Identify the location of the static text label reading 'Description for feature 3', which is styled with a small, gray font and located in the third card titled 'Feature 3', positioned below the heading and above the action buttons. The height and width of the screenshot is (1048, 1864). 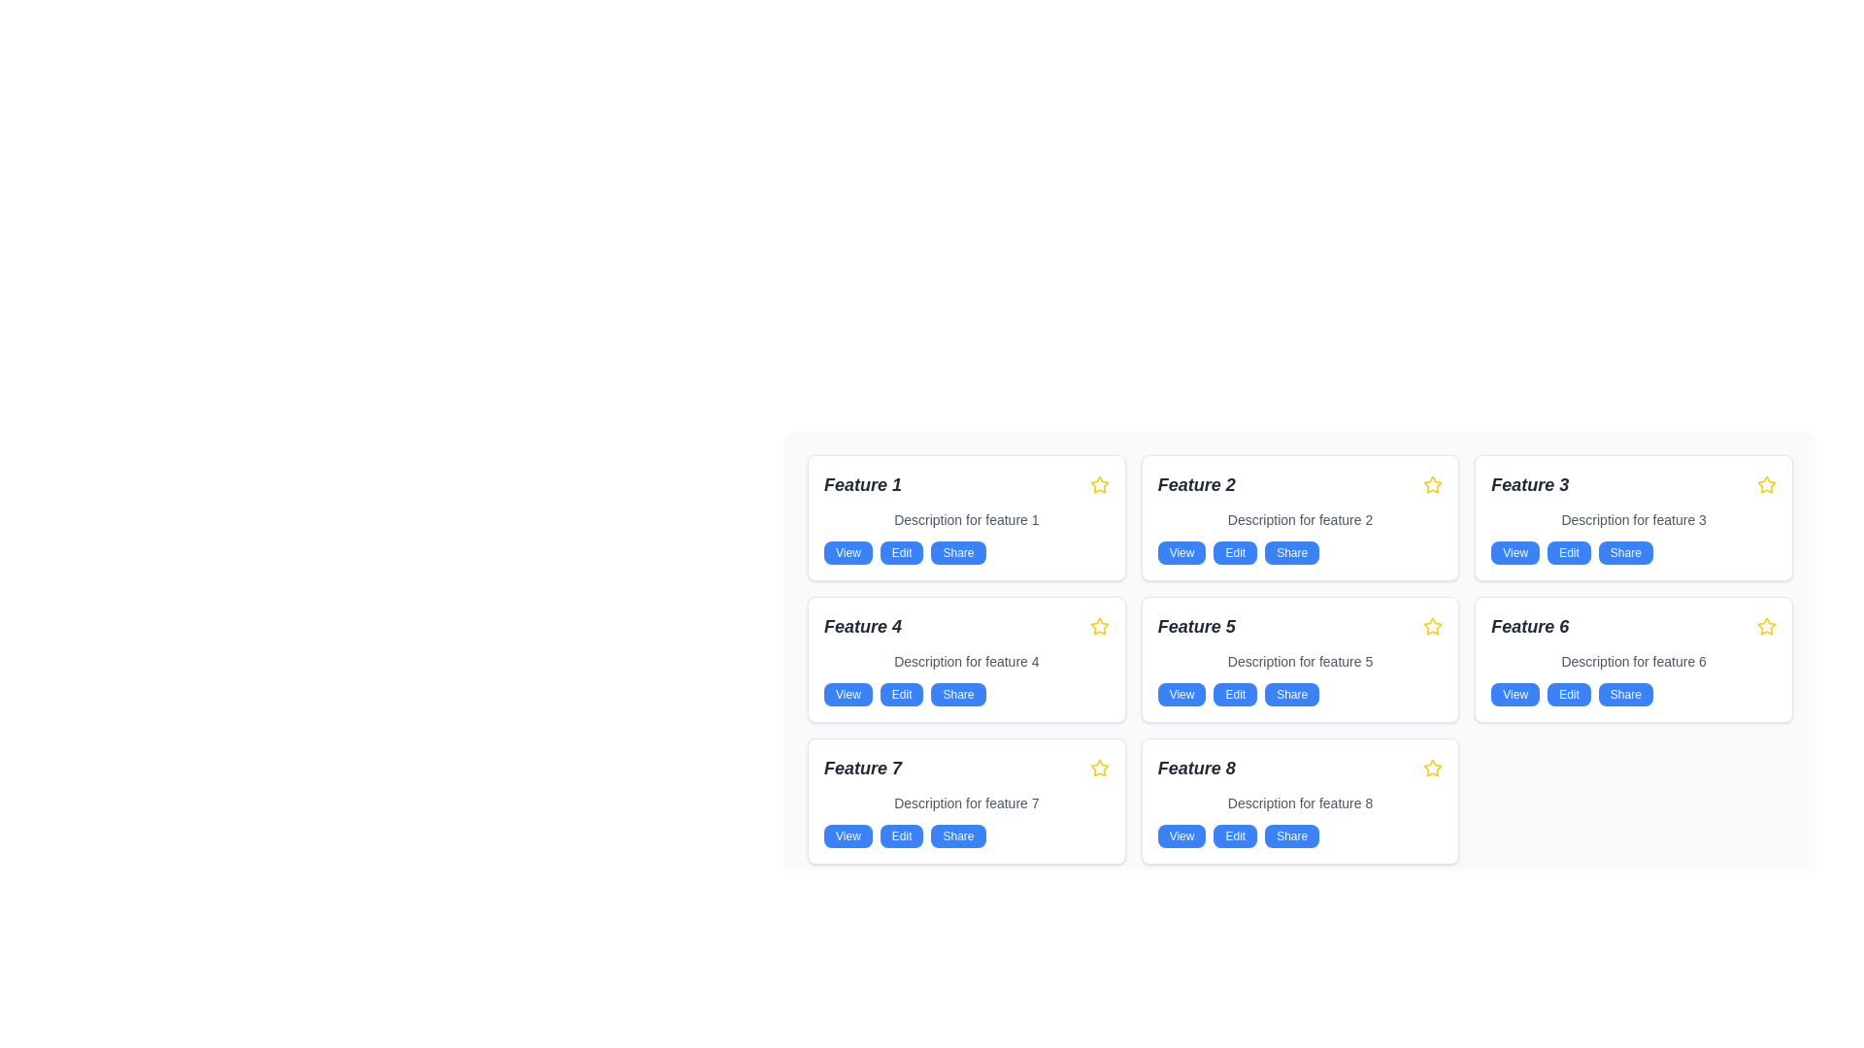
(1633, 519).